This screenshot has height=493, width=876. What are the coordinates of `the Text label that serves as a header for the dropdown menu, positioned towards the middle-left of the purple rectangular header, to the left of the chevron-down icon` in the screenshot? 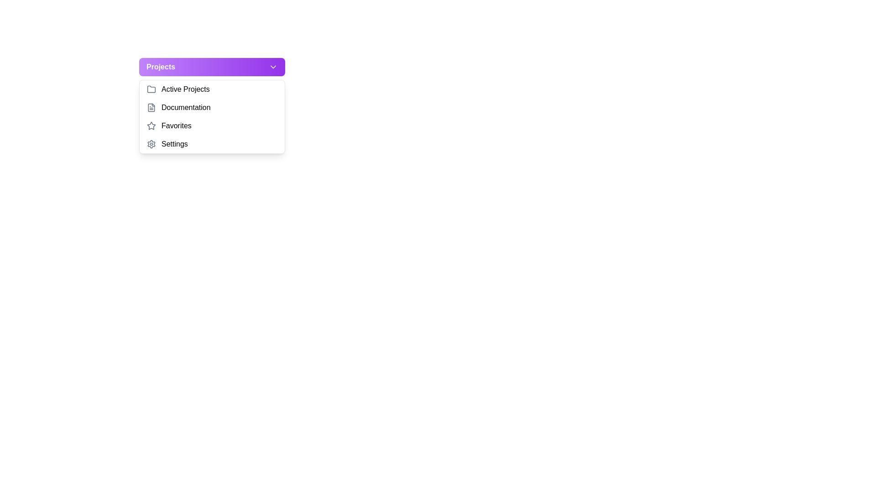 It's located at (161, 66).